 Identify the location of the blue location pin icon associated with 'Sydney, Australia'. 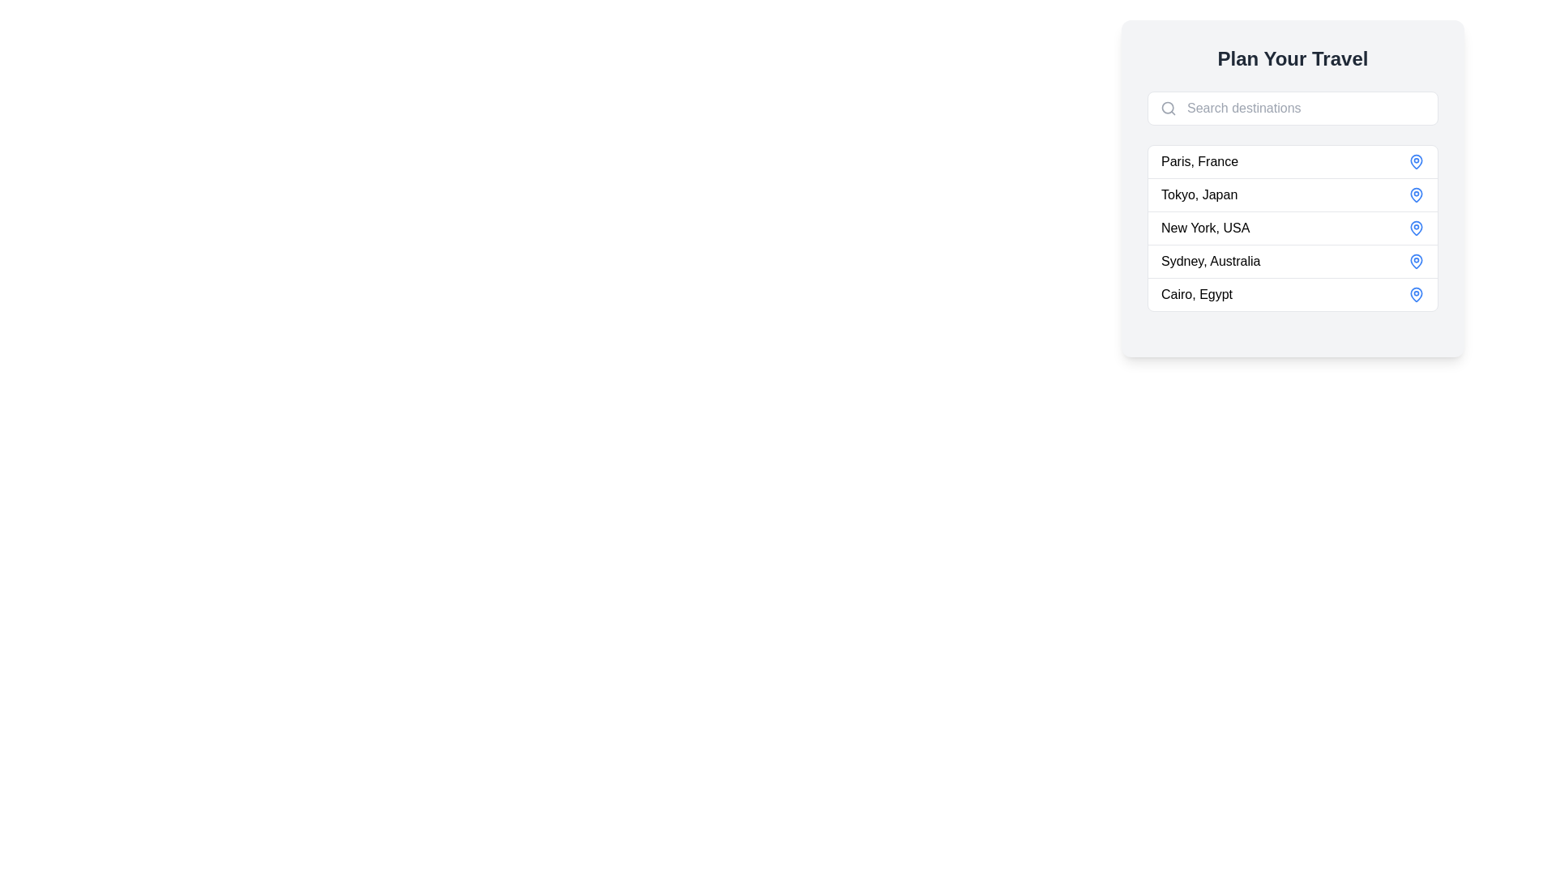
(1415, 259).